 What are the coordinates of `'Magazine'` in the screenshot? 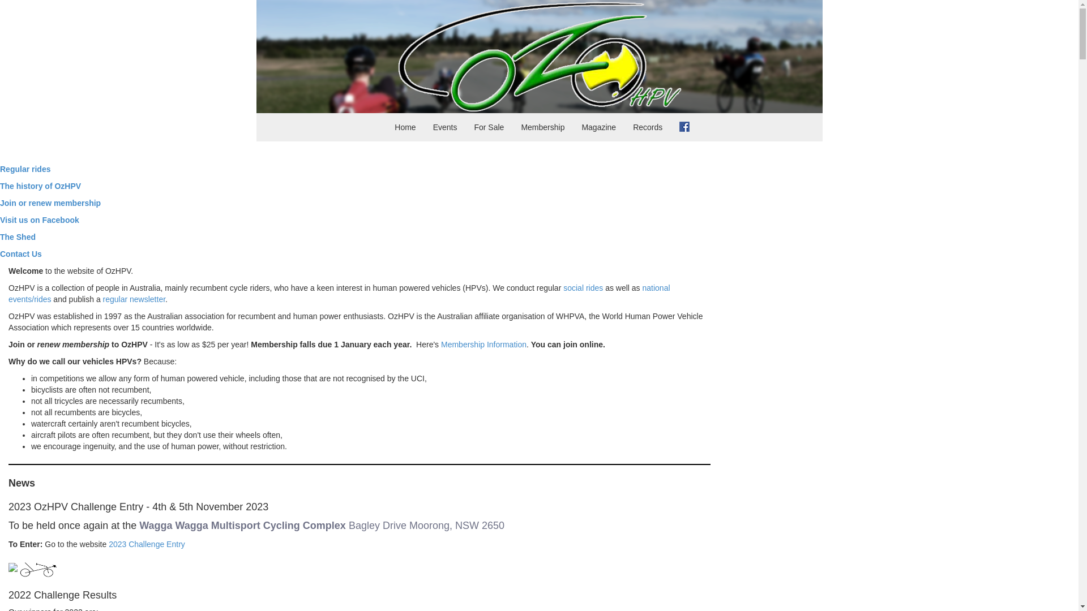 It's located at (598, 127).